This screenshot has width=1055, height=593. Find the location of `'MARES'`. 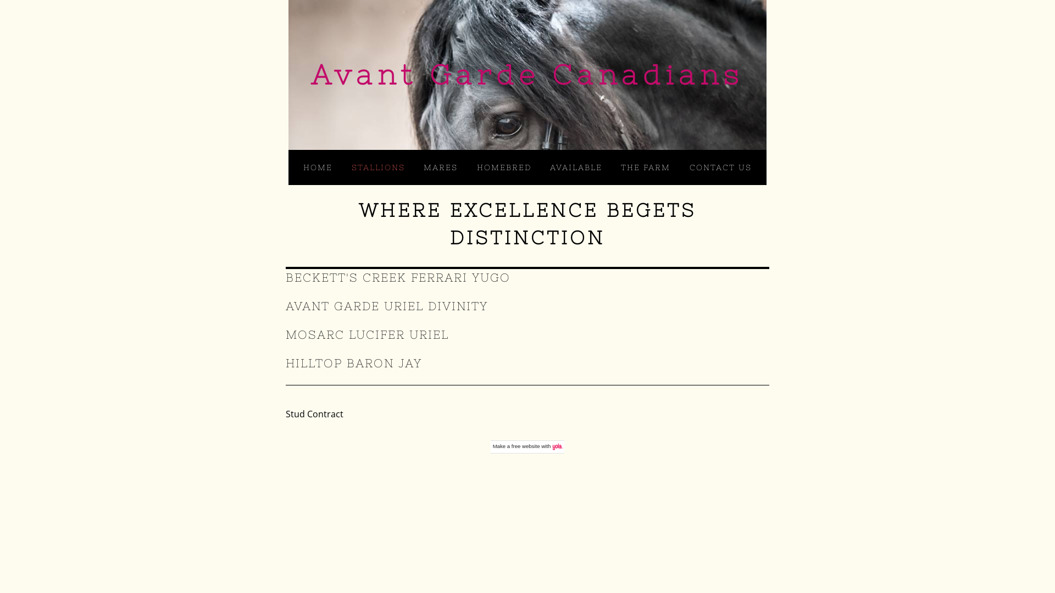

'MARES' is located at coordinates (440, 167).